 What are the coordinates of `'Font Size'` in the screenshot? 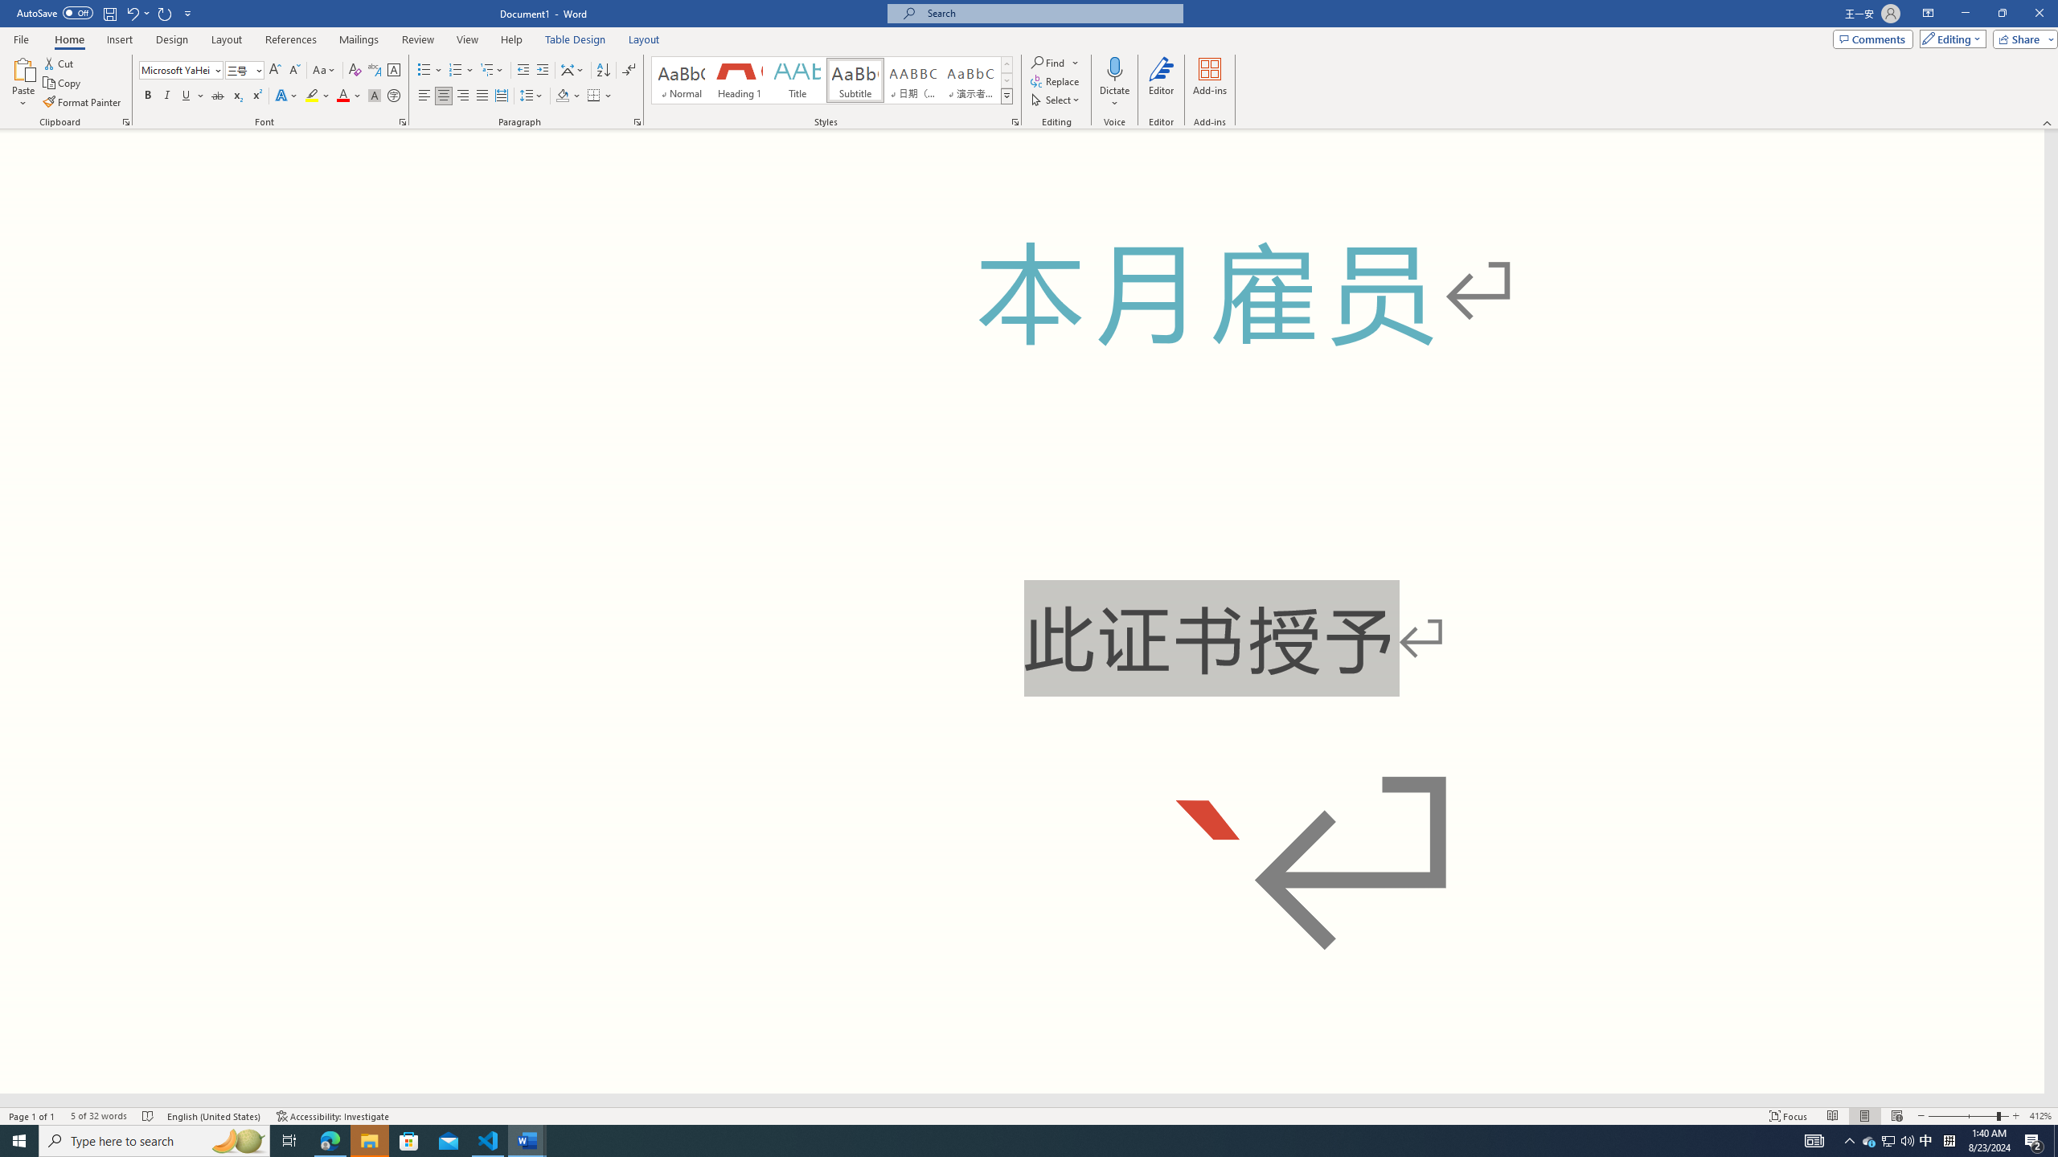 It's located at (239, 70).